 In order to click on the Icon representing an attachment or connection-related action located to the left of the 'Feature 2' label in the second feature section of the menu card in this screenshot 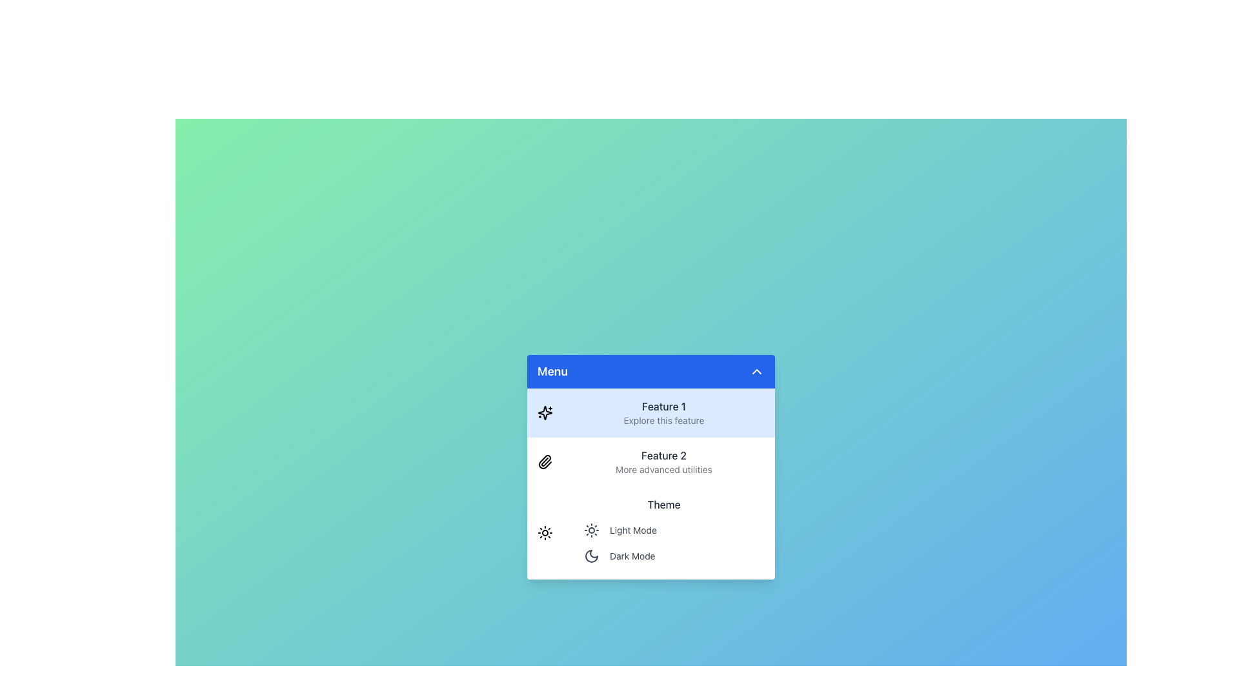, I will do `click(545, 461)`.